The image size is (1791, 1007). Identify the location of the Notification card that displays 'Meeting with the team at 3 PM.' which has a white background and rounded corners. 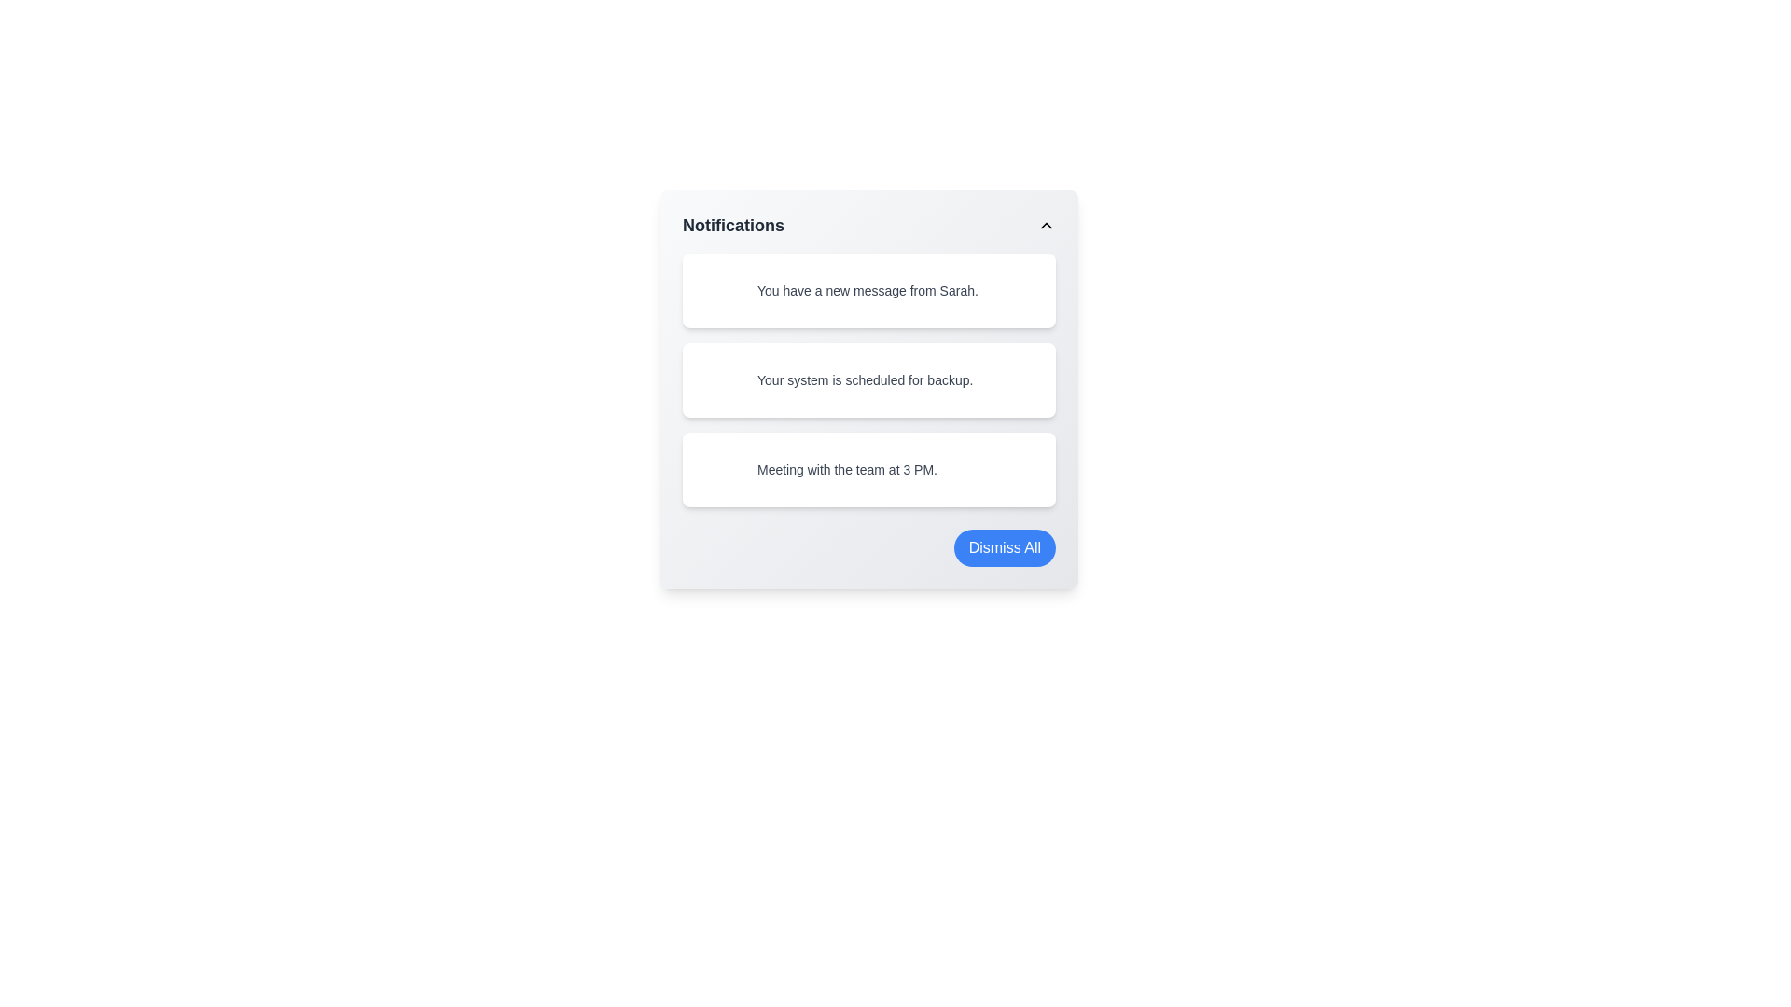
(868, 469).